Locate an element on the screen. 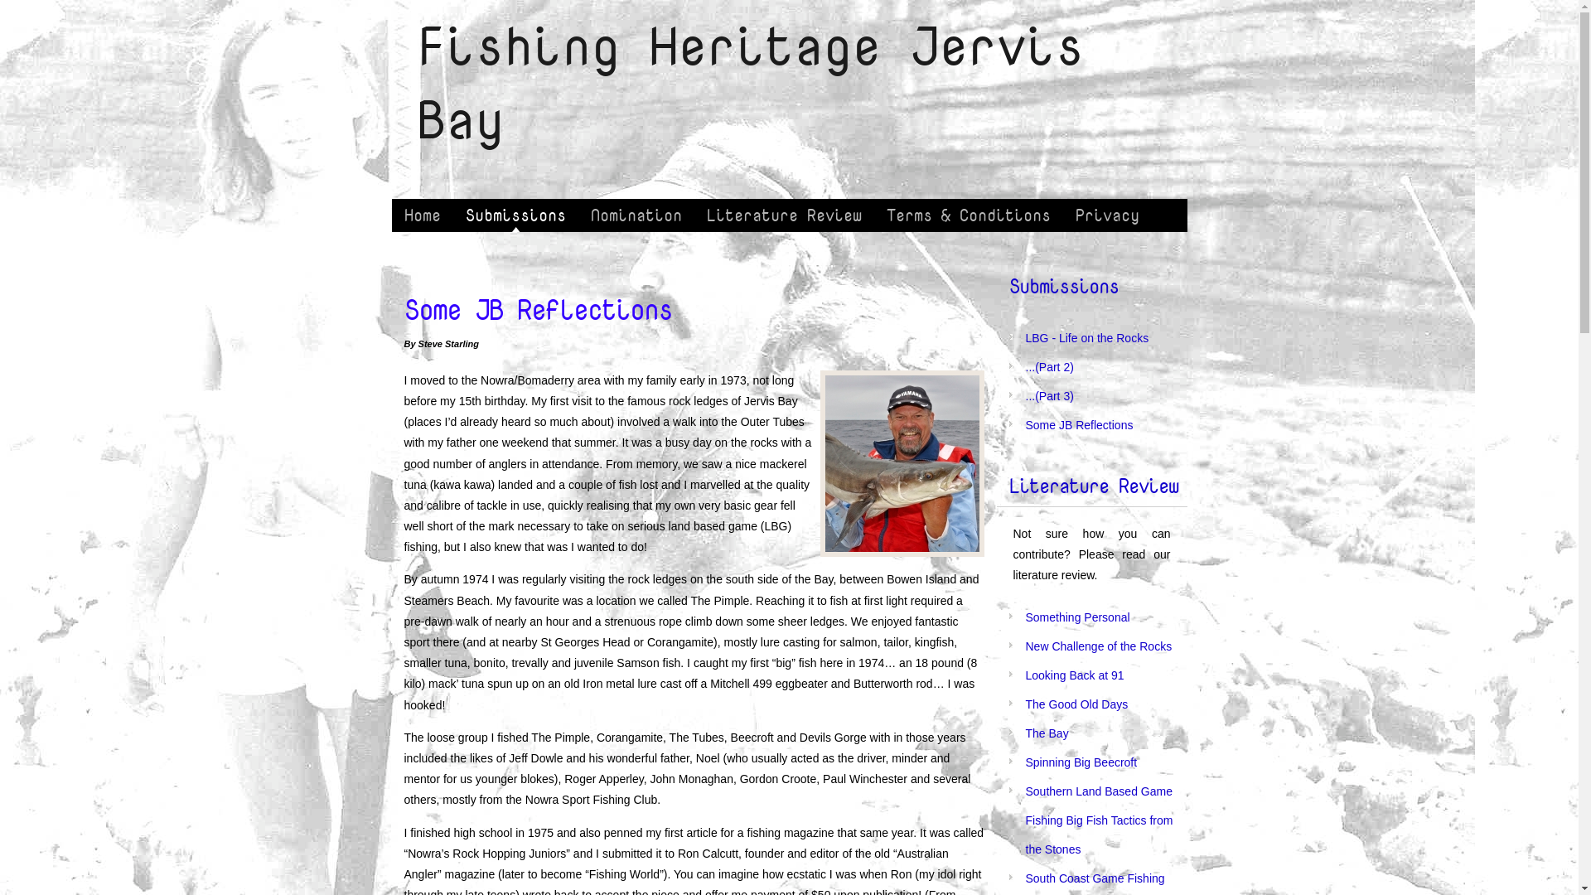  '...(Part 2)' is located at coordinates (1049, 366).